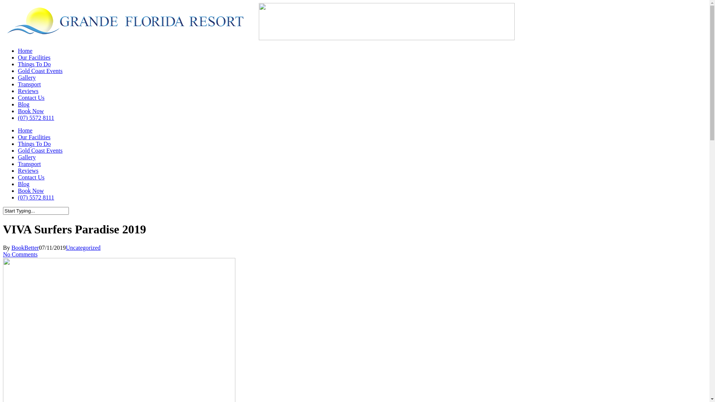 The image size is (715, 402). Describe the element at coordinates (29, 84) in the screenshot. I see `'Transport'` at that location.